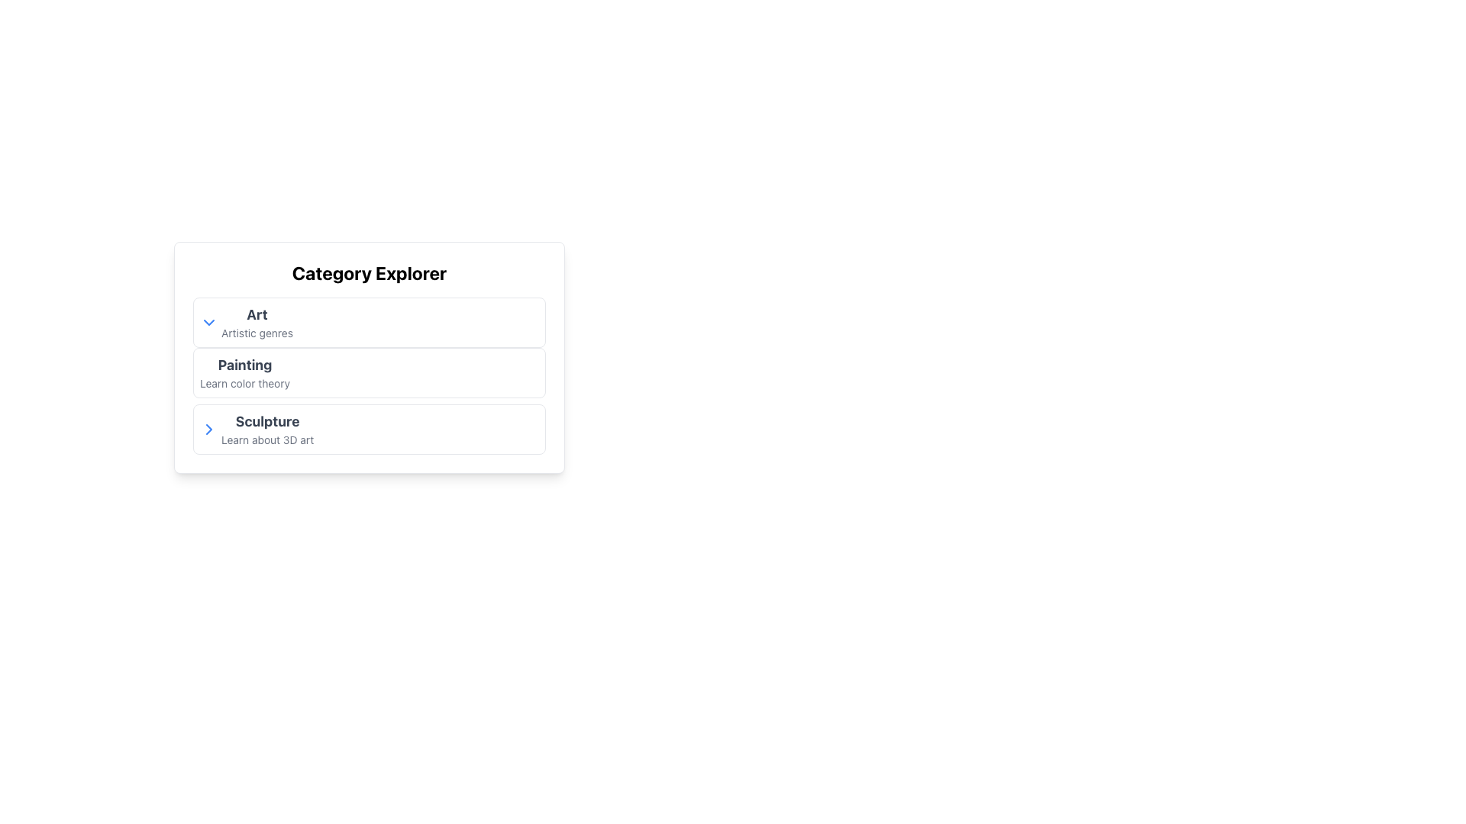 This screenshot has height=824, width=1466. Describe the element at coordinates (267, 430) in the screenshot. I see `title and description of the 'Sculpture' category label located in the 'Category Explorer' section, which is the third entry in the list` at that location.